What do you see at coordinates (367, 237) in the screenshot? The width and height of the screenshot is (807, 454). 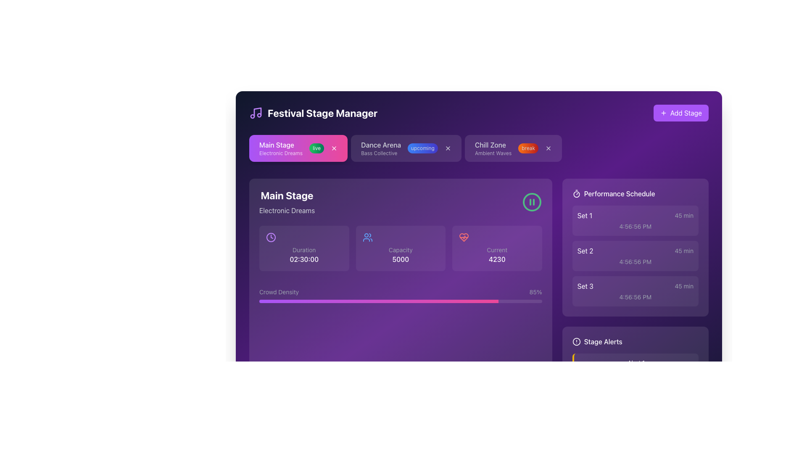 I see `icon representing a group of people, which is light blue and located in the second data card under the 'Main Stage' section, above the numerical value '5000'` at bounding box center [367, 237].